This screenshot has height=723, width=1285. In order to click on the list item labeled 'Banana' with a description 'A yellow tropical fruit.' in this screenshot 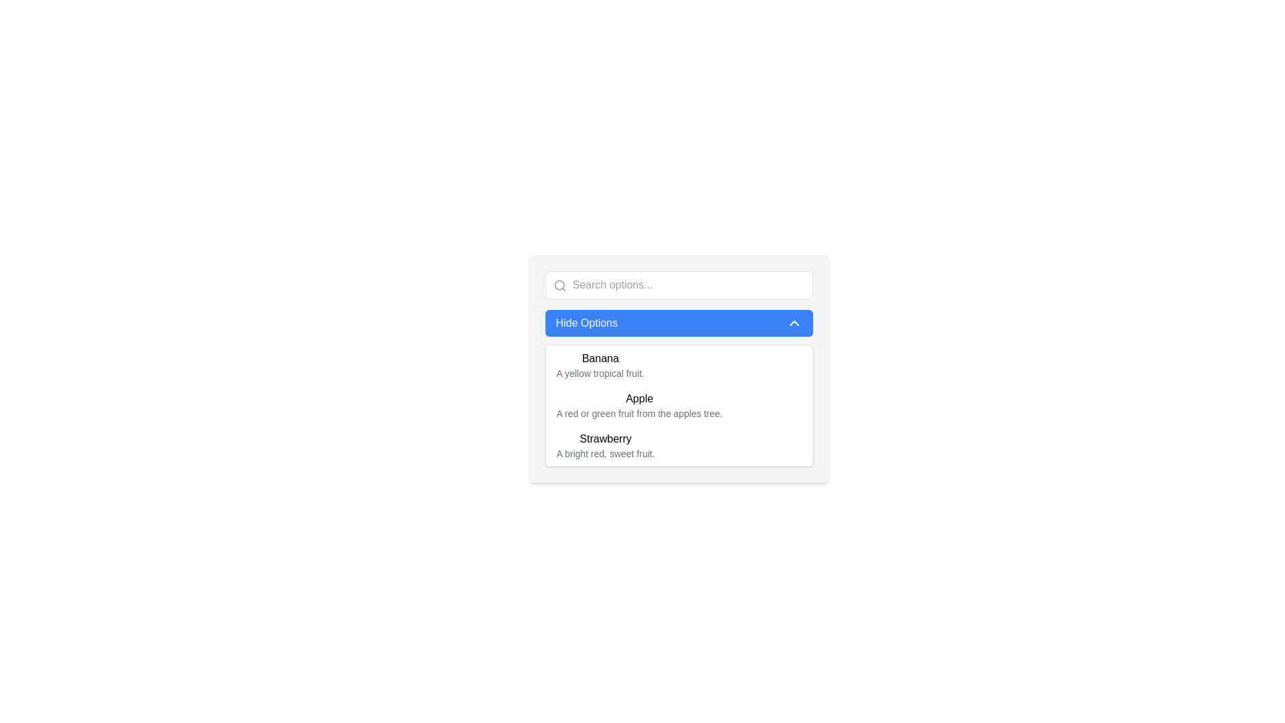, I will do `click(679, 366)`.